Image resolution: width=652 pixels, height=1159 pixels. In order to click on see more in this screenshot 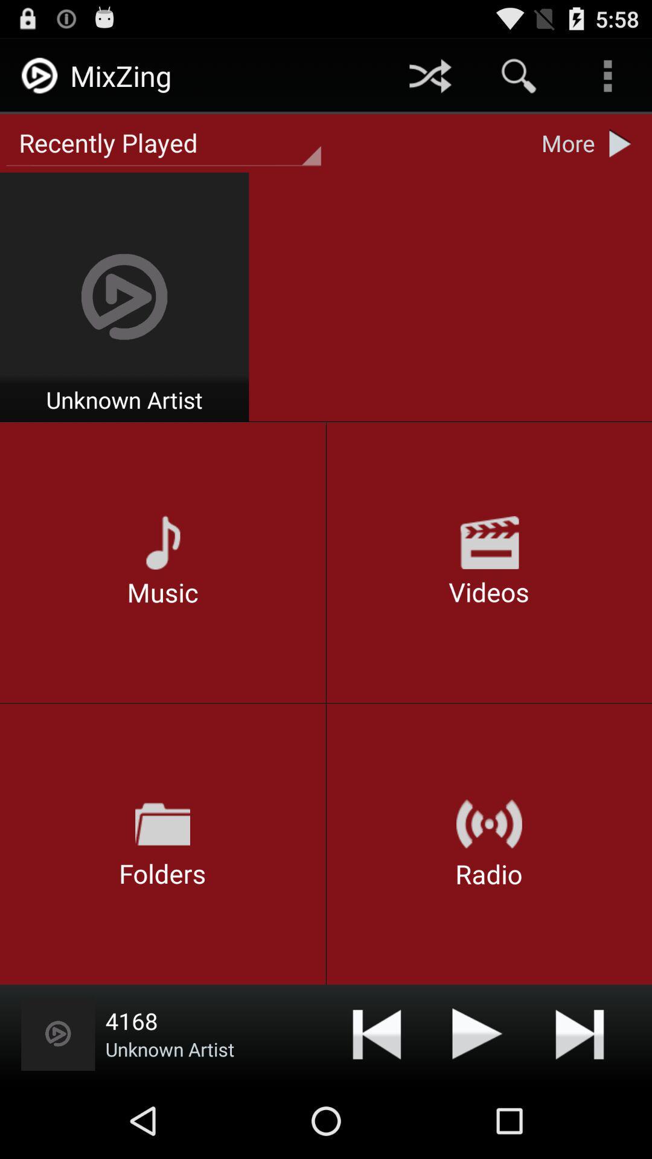, I will do `click(623, 143)`.